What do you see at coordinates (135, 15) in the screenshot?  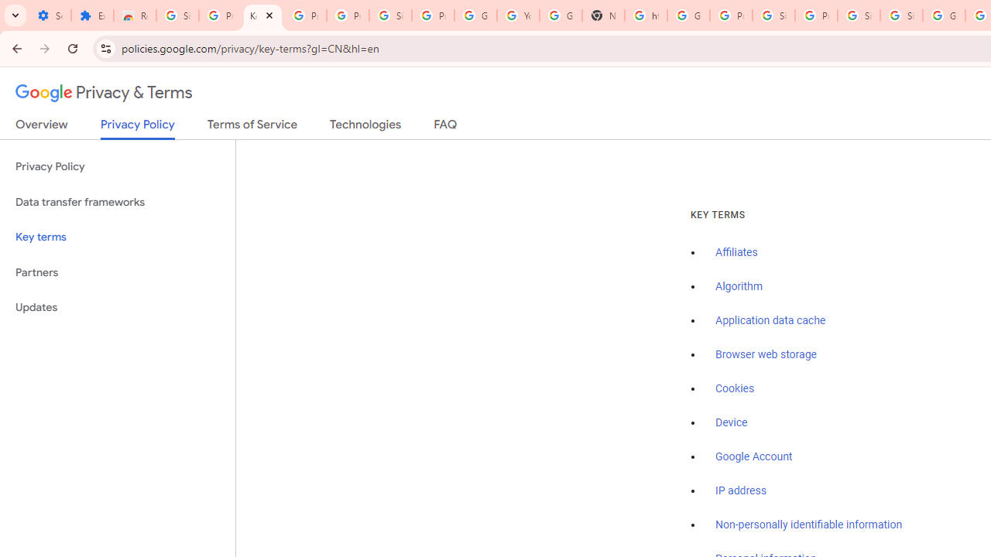 I see `'Reviews: Helix Fruit Jump Arcade Game'` at bounding box center [135, 15].